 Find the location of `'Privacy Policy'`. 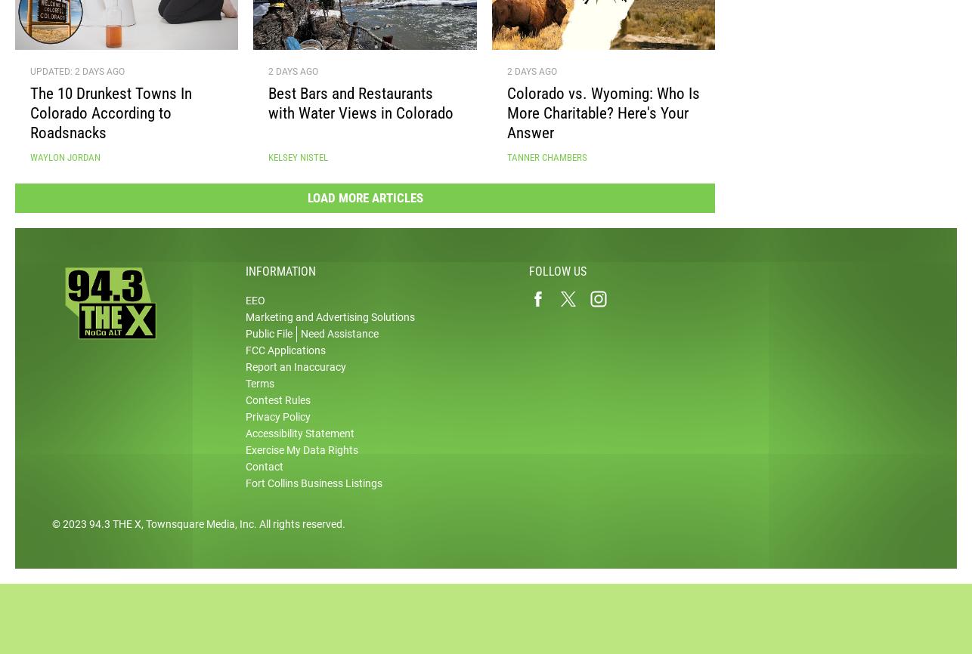

'Privacy Policy' is located at coordinates (277, 423).